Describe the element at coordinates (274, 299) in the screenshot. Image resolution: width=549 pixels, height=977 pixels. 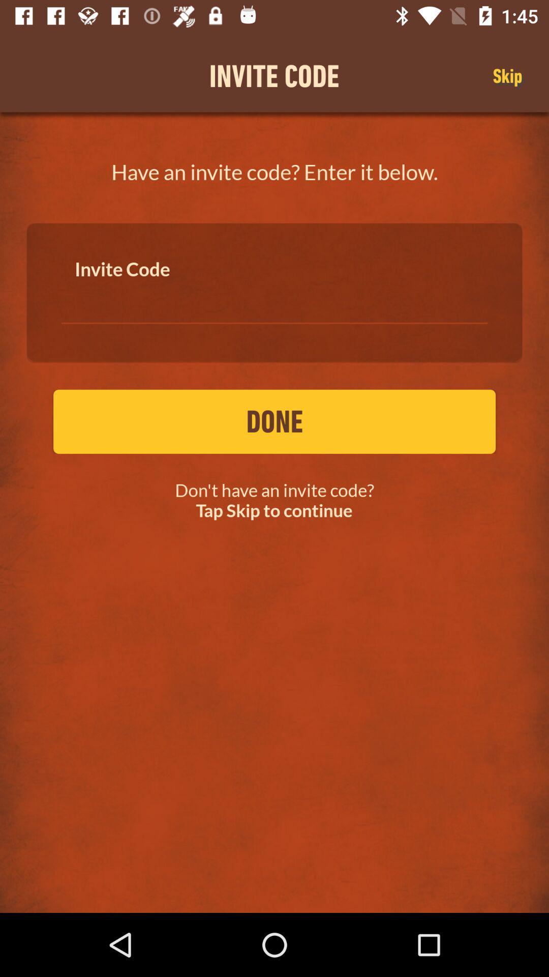
I see `the icon above the done` at that location.